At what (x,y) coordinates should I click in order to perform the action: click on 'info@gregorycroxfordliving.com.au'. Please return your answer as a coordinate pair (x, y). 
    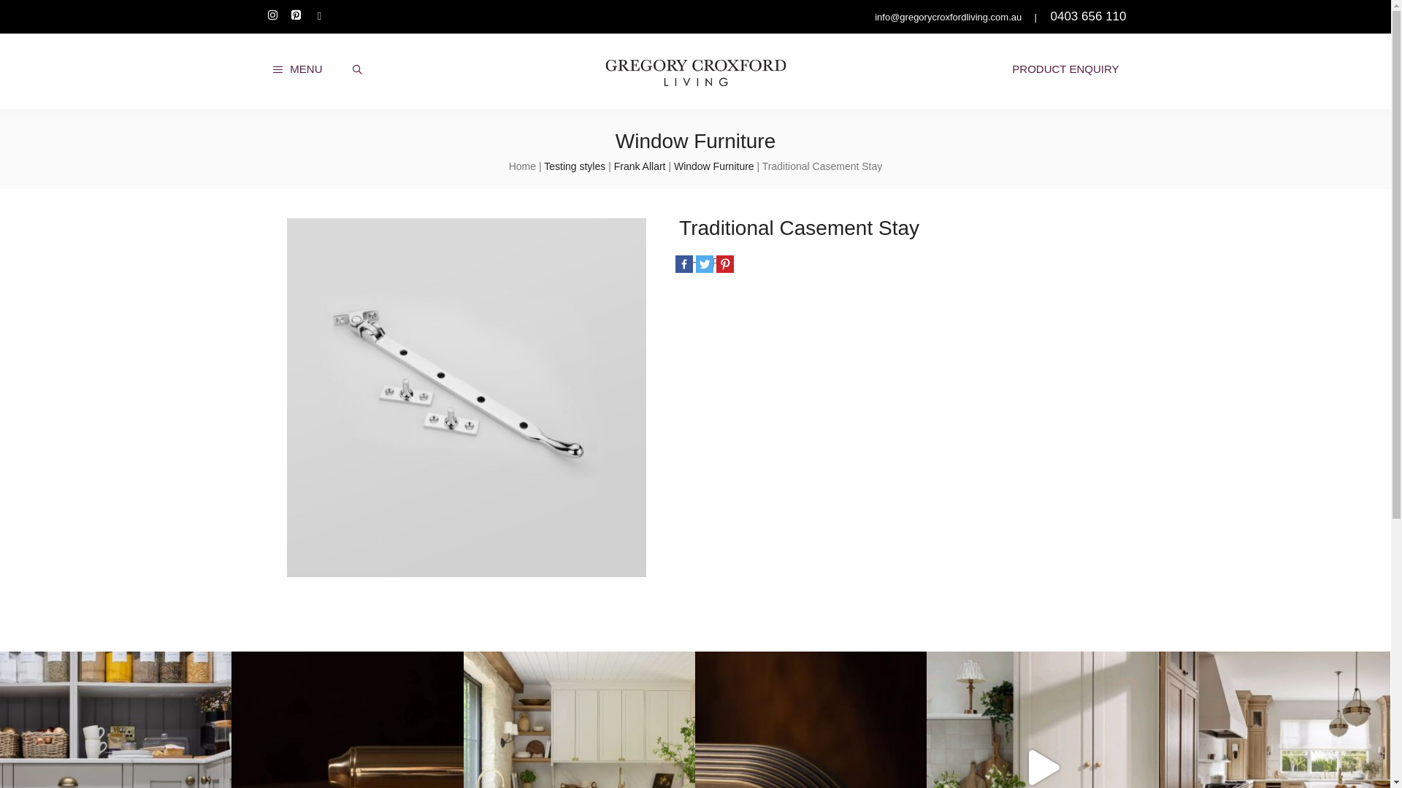
    Looking at the image, I should click on (946, 17).